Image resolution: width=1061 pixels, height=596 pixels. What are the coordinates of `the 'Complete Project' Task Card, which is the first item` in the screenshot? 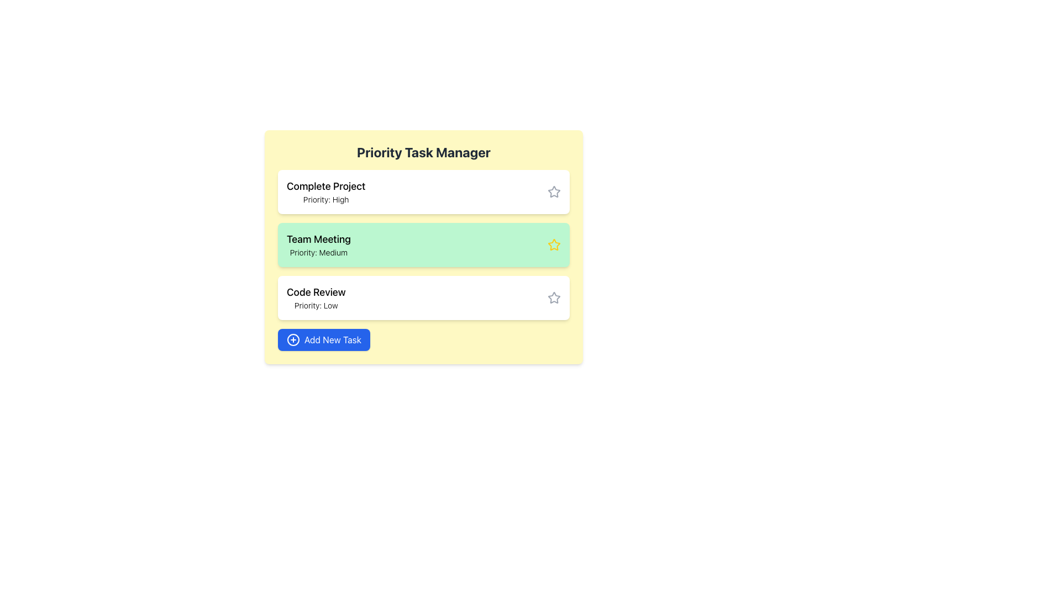 It's located at (423, 191).